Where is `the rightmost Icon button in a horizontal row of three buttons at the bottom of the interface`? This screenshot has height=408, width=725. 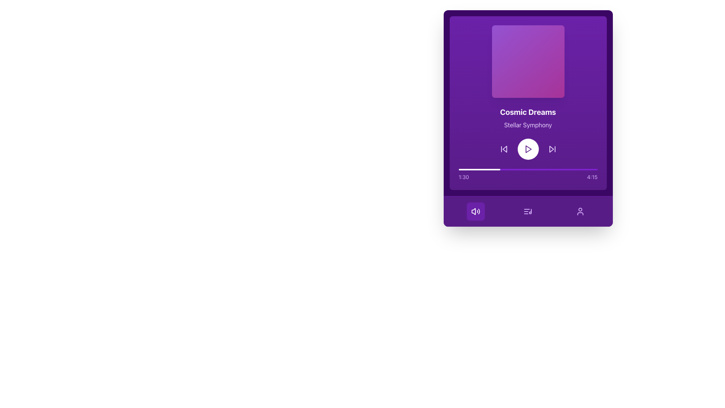 the rightmost Icon button in a horizontal row of three buttons at the bottom of the interface is located at coordinates (580, 211).